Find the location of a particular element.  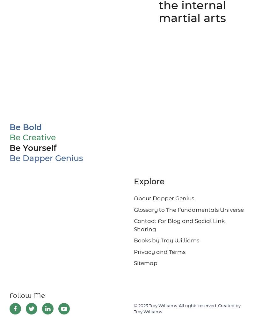

'Be Yourself' is located at coordinates (33, 148).